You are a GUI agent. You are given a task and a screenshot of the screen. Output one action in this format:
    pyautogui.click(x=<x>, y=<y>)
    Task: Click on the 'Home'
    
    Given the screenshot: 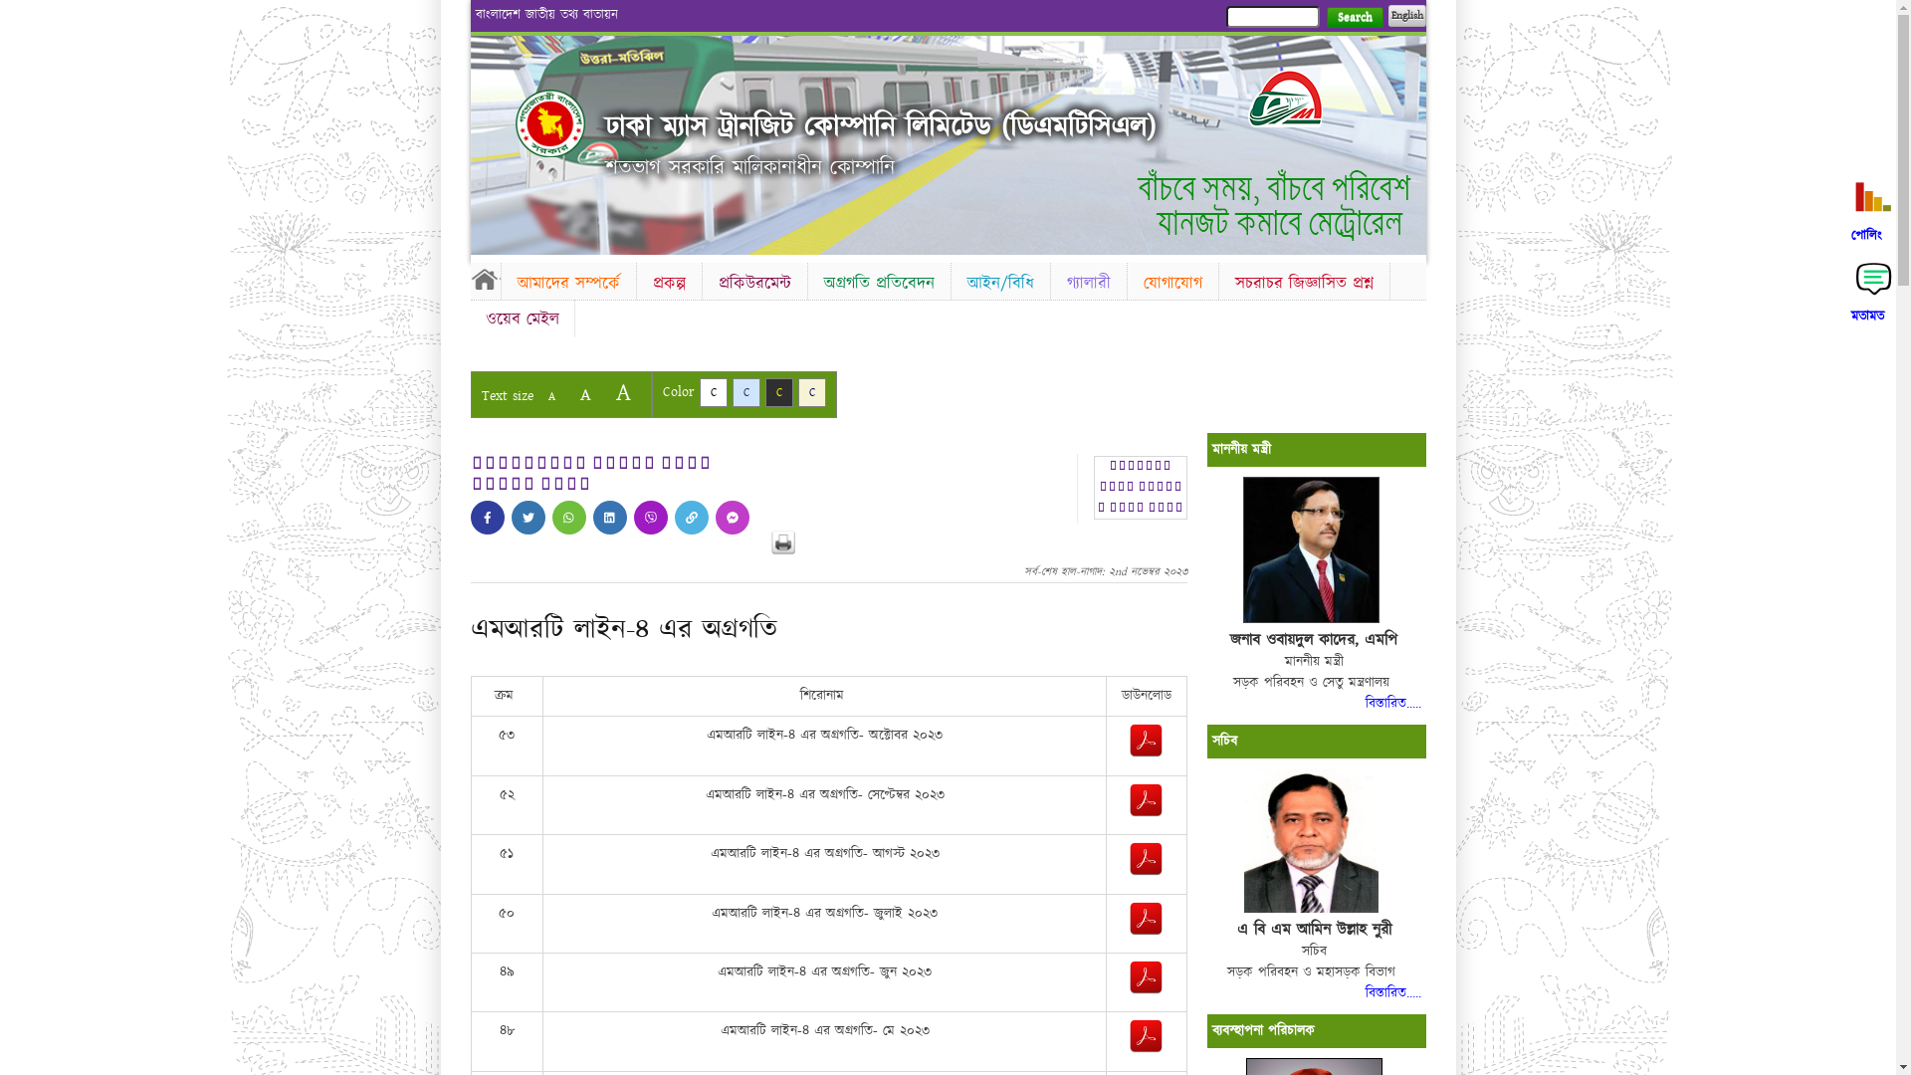 What is the action you would take?
    pyautogui.click(x=516, y=122)
    